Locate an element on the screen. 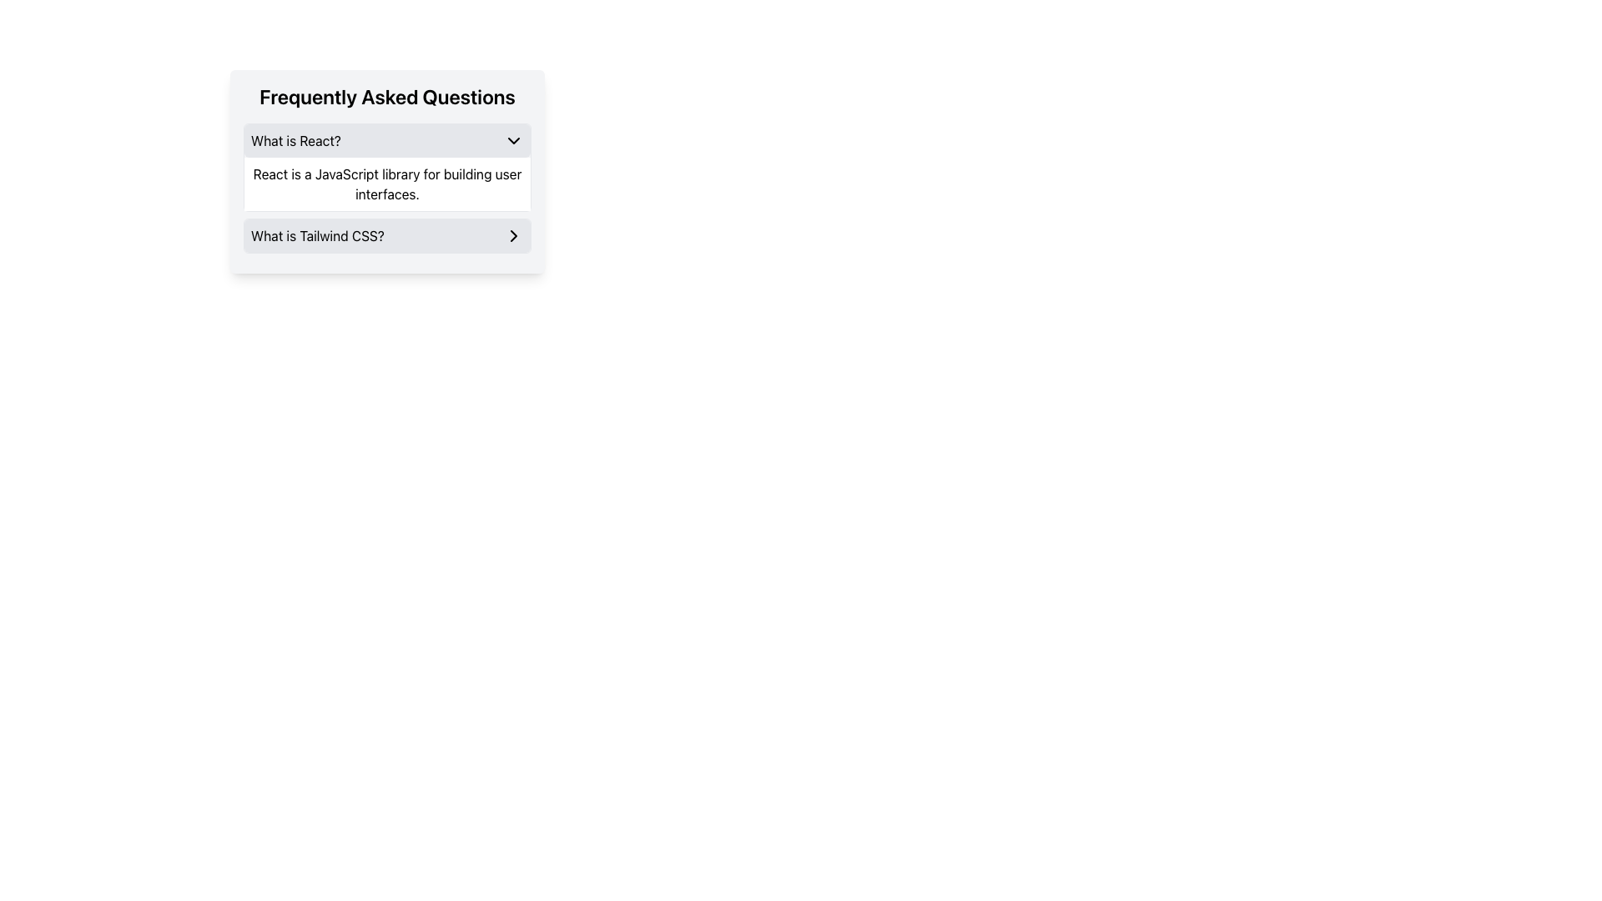  the Text Label that serves as a prompt for displaying more details about 'Tailwind CSS', located in the second question row of the FAQs list, to the left of the arrow icon is located at coordinates (317, 235).